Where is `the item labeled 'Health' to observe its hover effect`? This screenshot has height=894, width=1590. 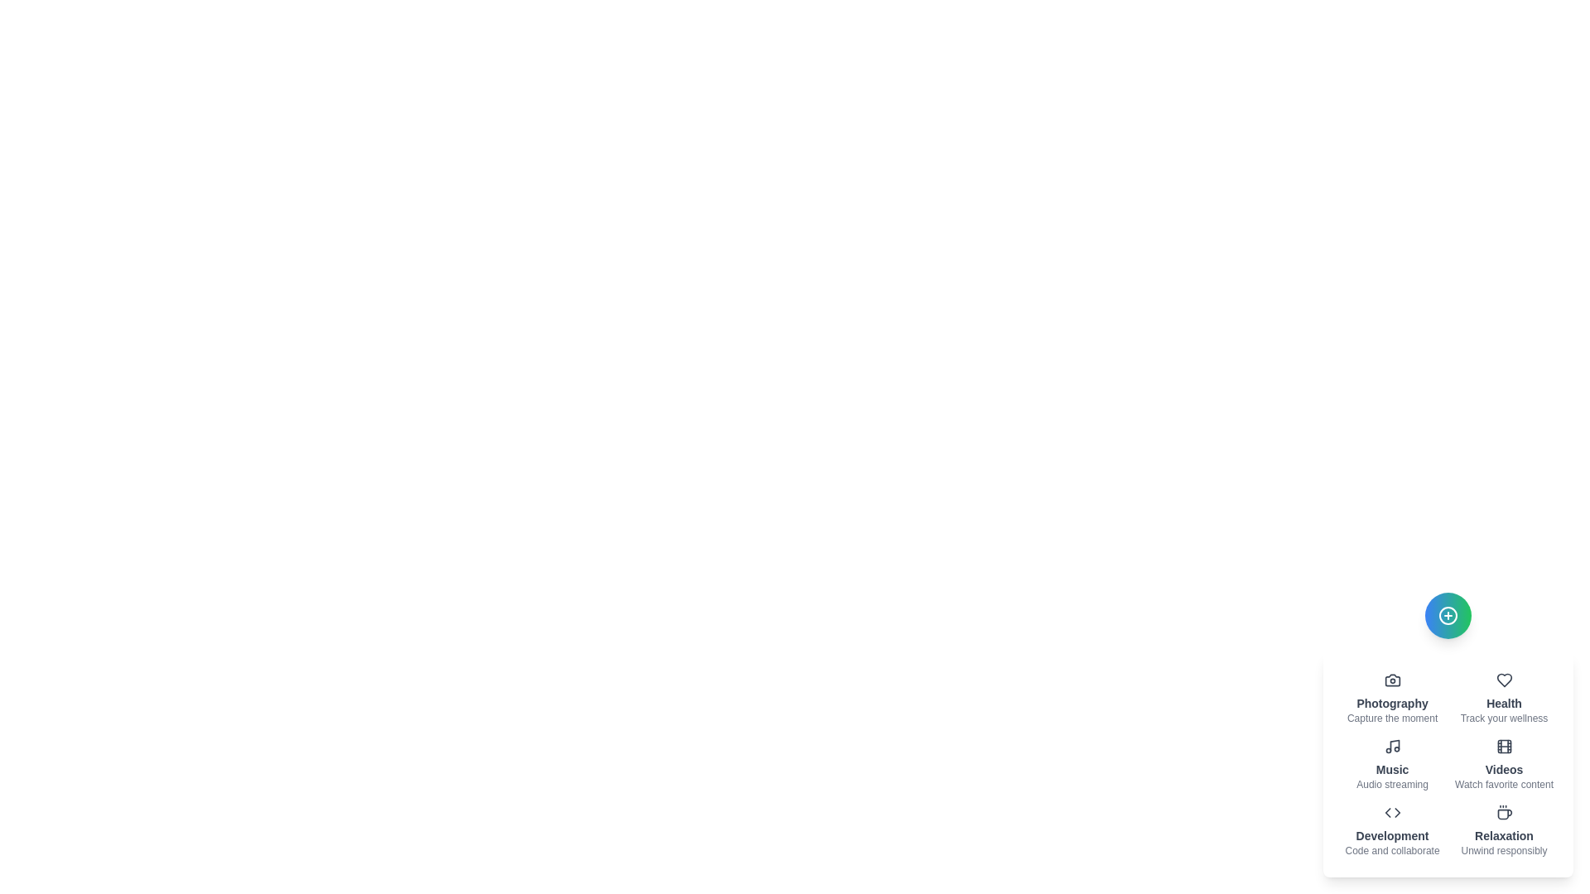 the item labeled 'Health' to observe its hover effect is located at coordinates (1504, 699).